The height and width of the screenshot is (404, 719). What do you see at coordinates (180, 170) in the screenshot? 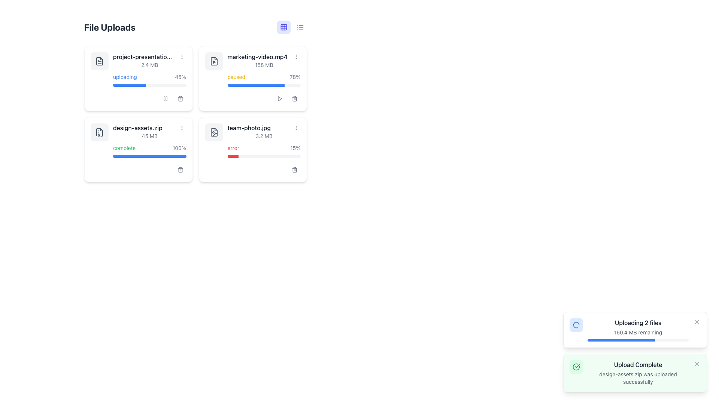
I see `the gray circular button with a trash can icon located underneath the 'design-assets.zip' entry in the 'File Uploads' section` at bounding box center [180, 170].